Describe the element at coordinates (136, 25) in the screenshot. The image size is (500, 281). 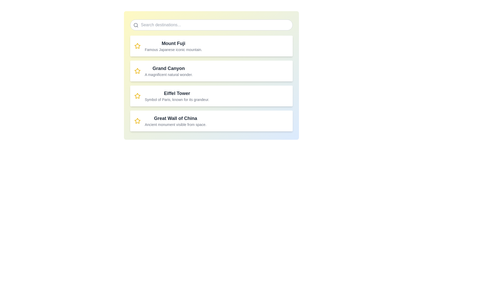
I see `the small magnifying glass icon located inside the search bar, which is styled in a minimalist design with thin lines and is positioned on the left side of the search box` at that location.